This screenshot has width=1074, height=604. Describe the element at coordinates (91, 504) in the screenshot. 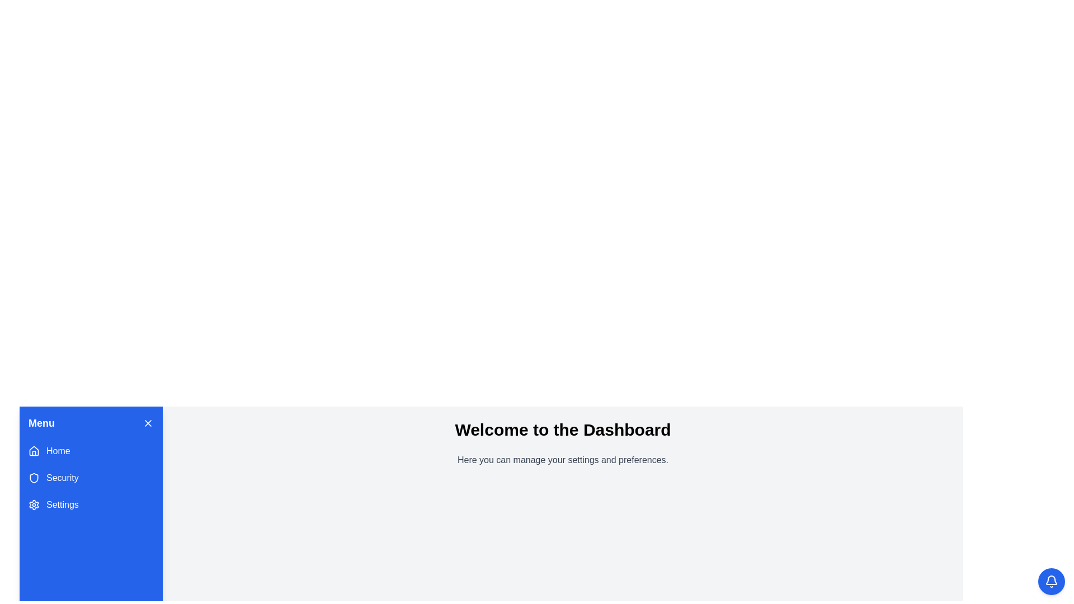

I see `the third menu item in the vertical list that navigates to the 'Settings' section of the application` at that location.